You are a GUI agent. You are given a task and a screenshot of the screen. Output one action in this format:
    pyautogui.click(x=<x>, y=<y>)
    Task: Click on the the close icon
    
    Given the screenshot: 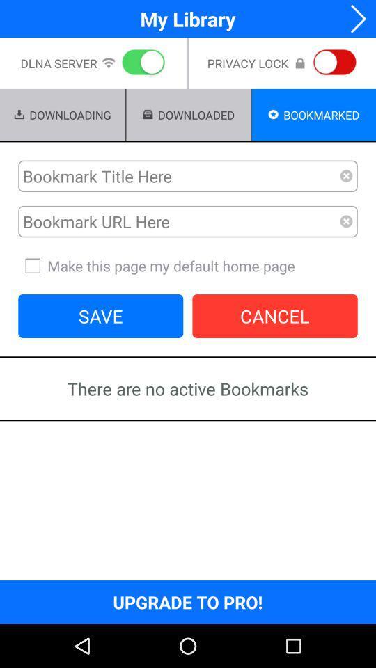 What is the action you would take?
    pyautogui.click(x=345, y=188)
    